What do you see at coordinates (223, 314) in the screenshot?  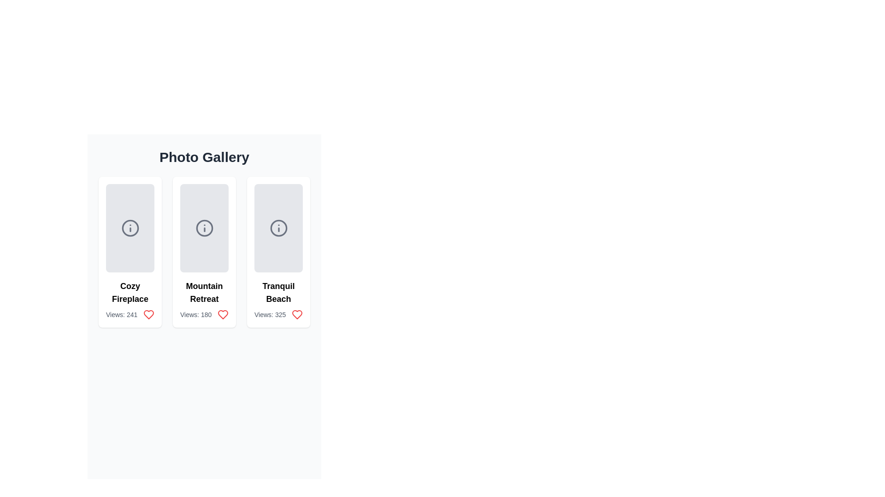 I see `the heart icon button located at the bottom right corner of the 'Mountain Retreat' card in the 'Photo Gallery'` at bounding box center [223, 314].